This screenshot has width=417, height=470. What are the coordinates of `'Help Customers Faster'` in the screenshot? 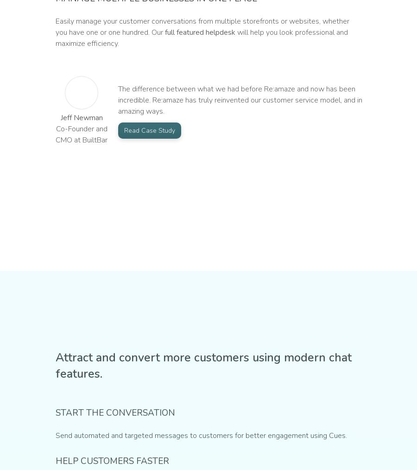 It's located at (112, 461).